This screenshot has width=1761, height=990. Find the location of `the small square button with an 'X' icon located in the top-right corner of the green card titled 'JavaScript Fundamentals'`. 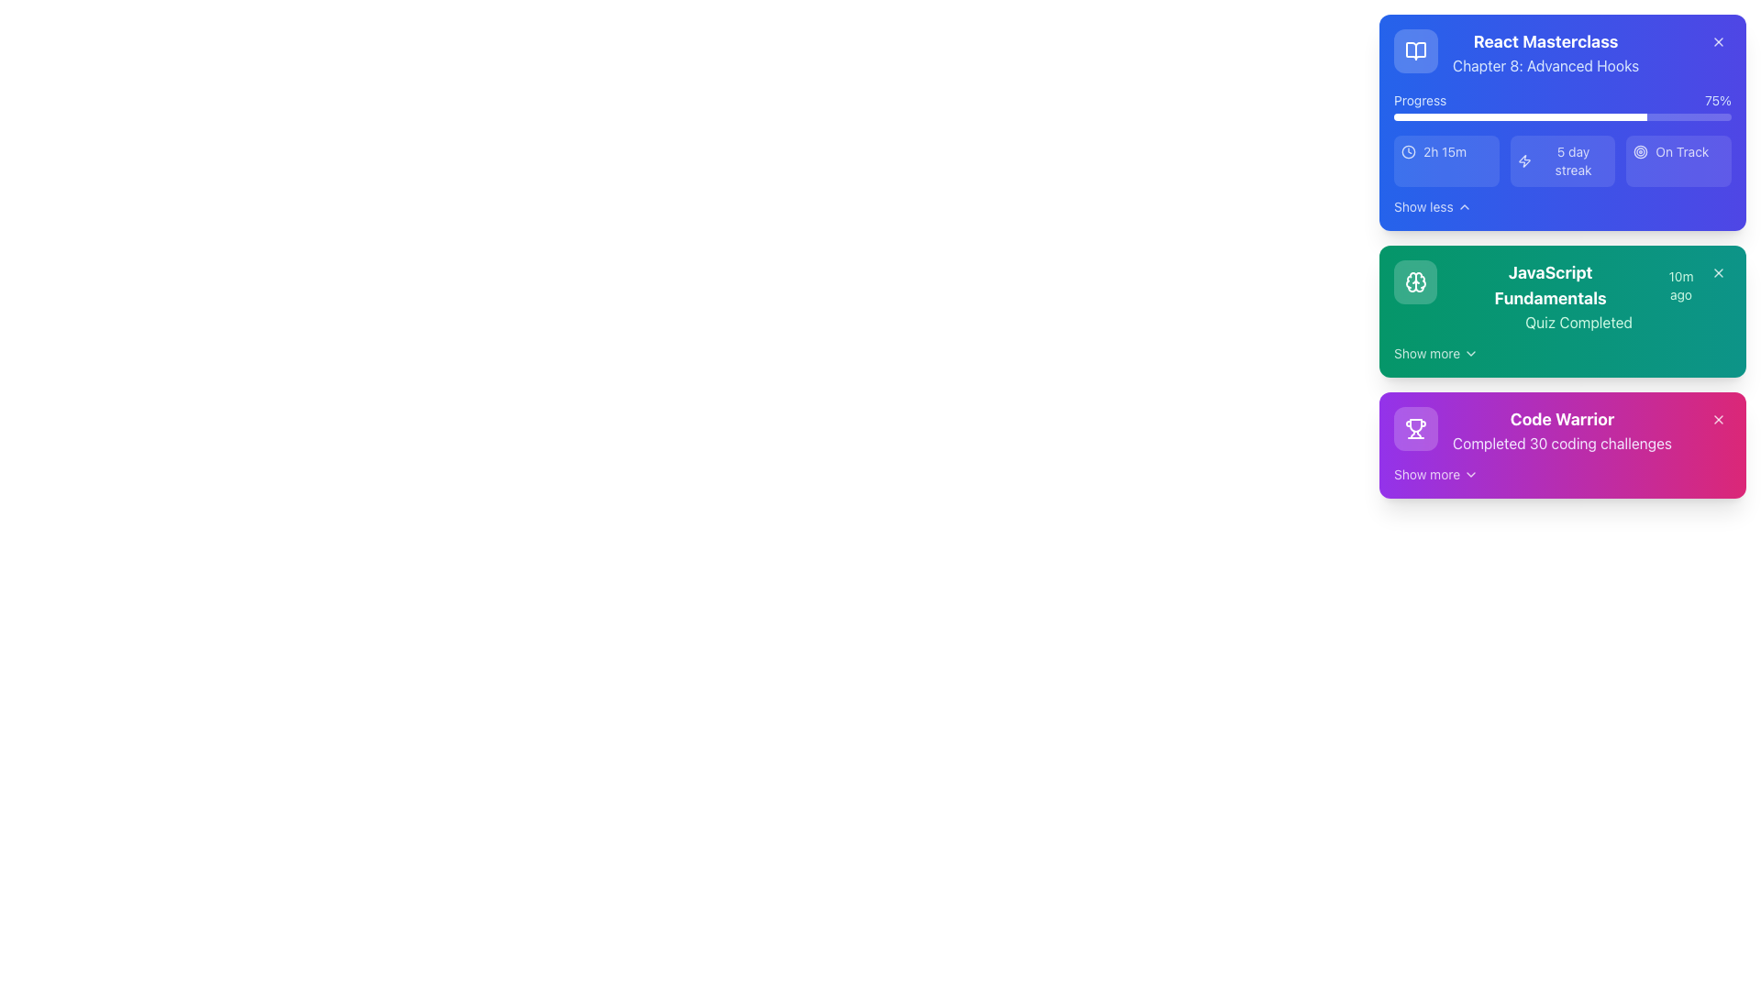

the small square button with an 'X' icon located in the top-right corner of the green card titled 'JavaScript Fundamentals' is located at coordinates (1717, 272).